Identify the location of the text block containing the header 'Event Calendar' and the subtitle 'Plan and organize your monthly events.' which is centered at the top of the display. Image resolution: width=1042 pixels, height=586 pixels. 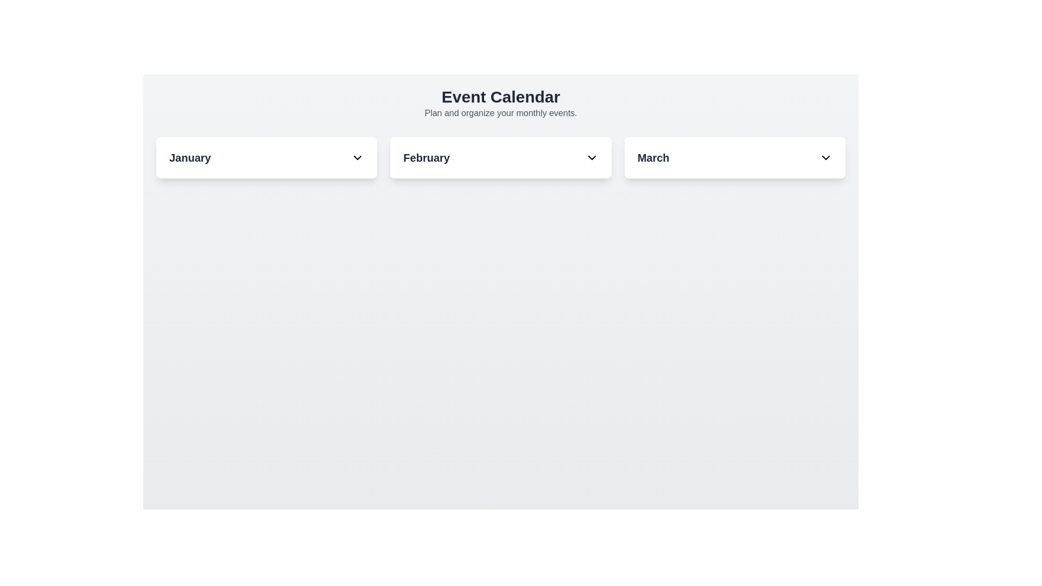
(500, 104).